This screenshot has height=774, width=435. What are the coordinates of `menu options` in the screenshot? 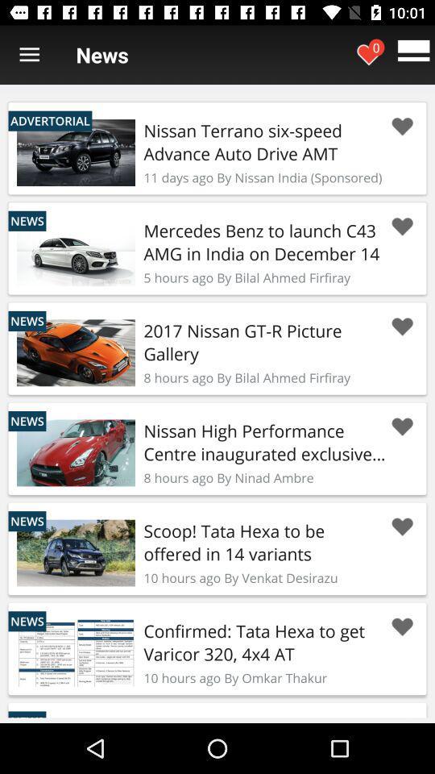 It's located at (29, 55).